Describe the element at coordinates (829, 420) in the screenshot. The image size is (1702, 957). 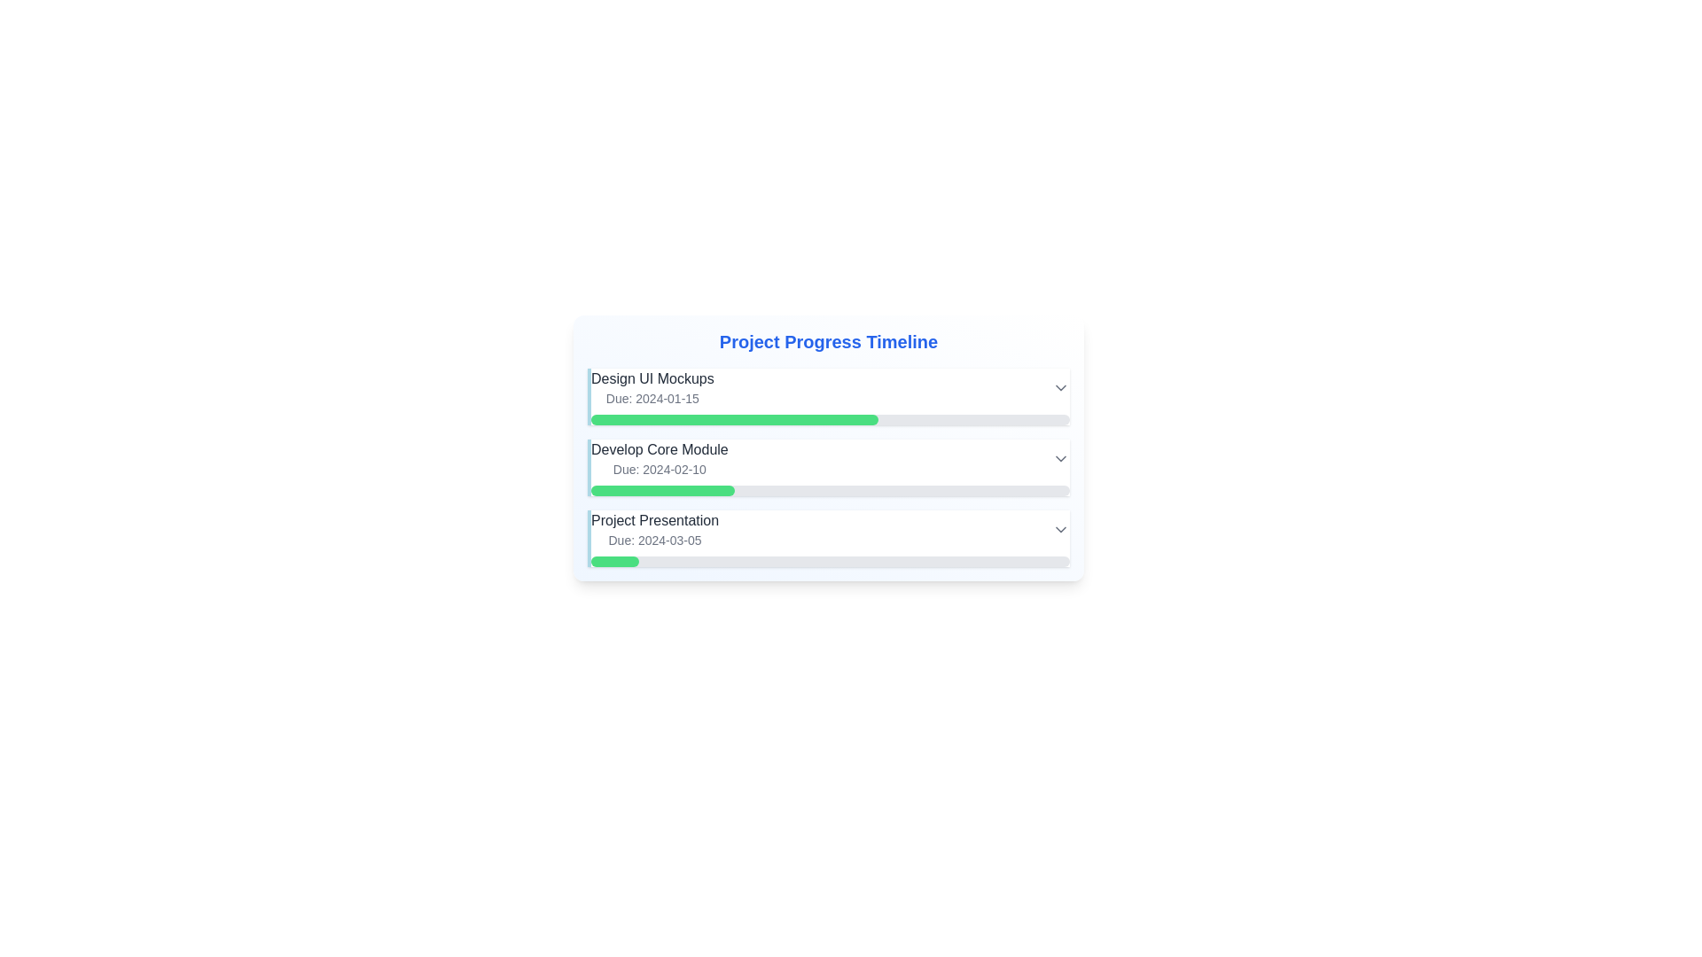
I see `the horizontal progress bar showing a green filled portion, which is located below the text 'Design UI Mockups Due: 2024-01-15' in the Project Progress Timeline section` at that location.